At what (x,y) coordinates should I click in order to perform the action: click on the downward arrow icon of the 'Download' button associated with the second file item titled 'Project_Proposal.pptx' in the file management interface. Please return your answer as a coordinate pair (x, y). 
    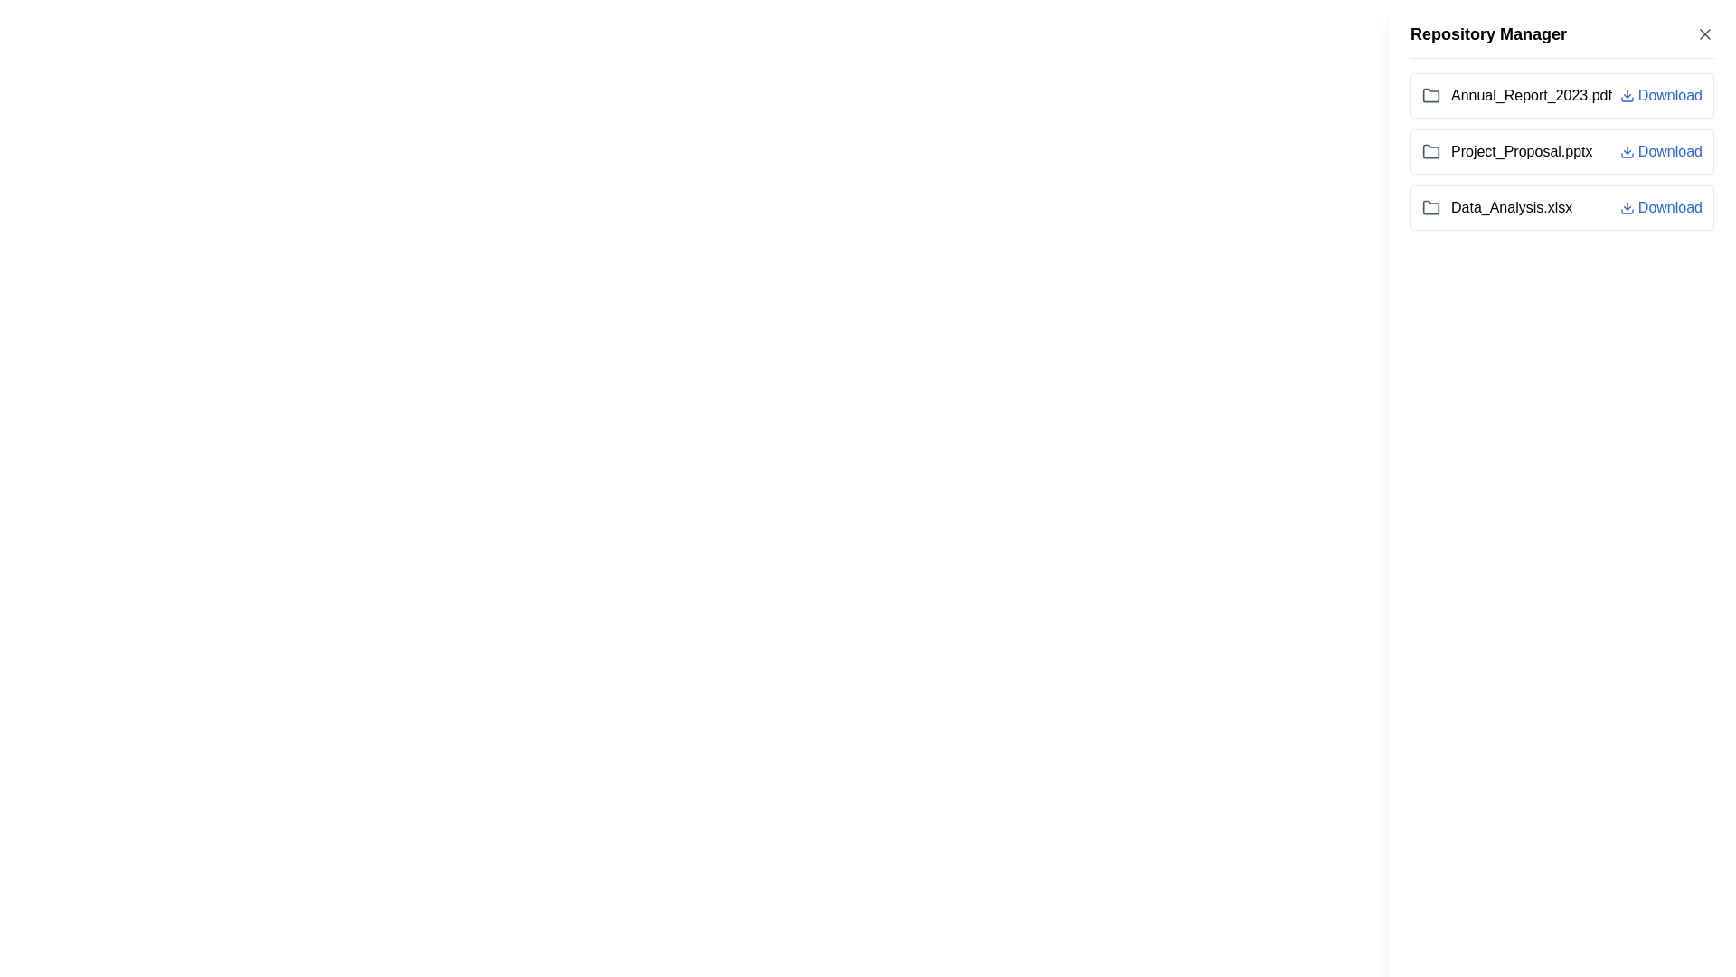
    Looking at the image, I should click on (1627, 151).